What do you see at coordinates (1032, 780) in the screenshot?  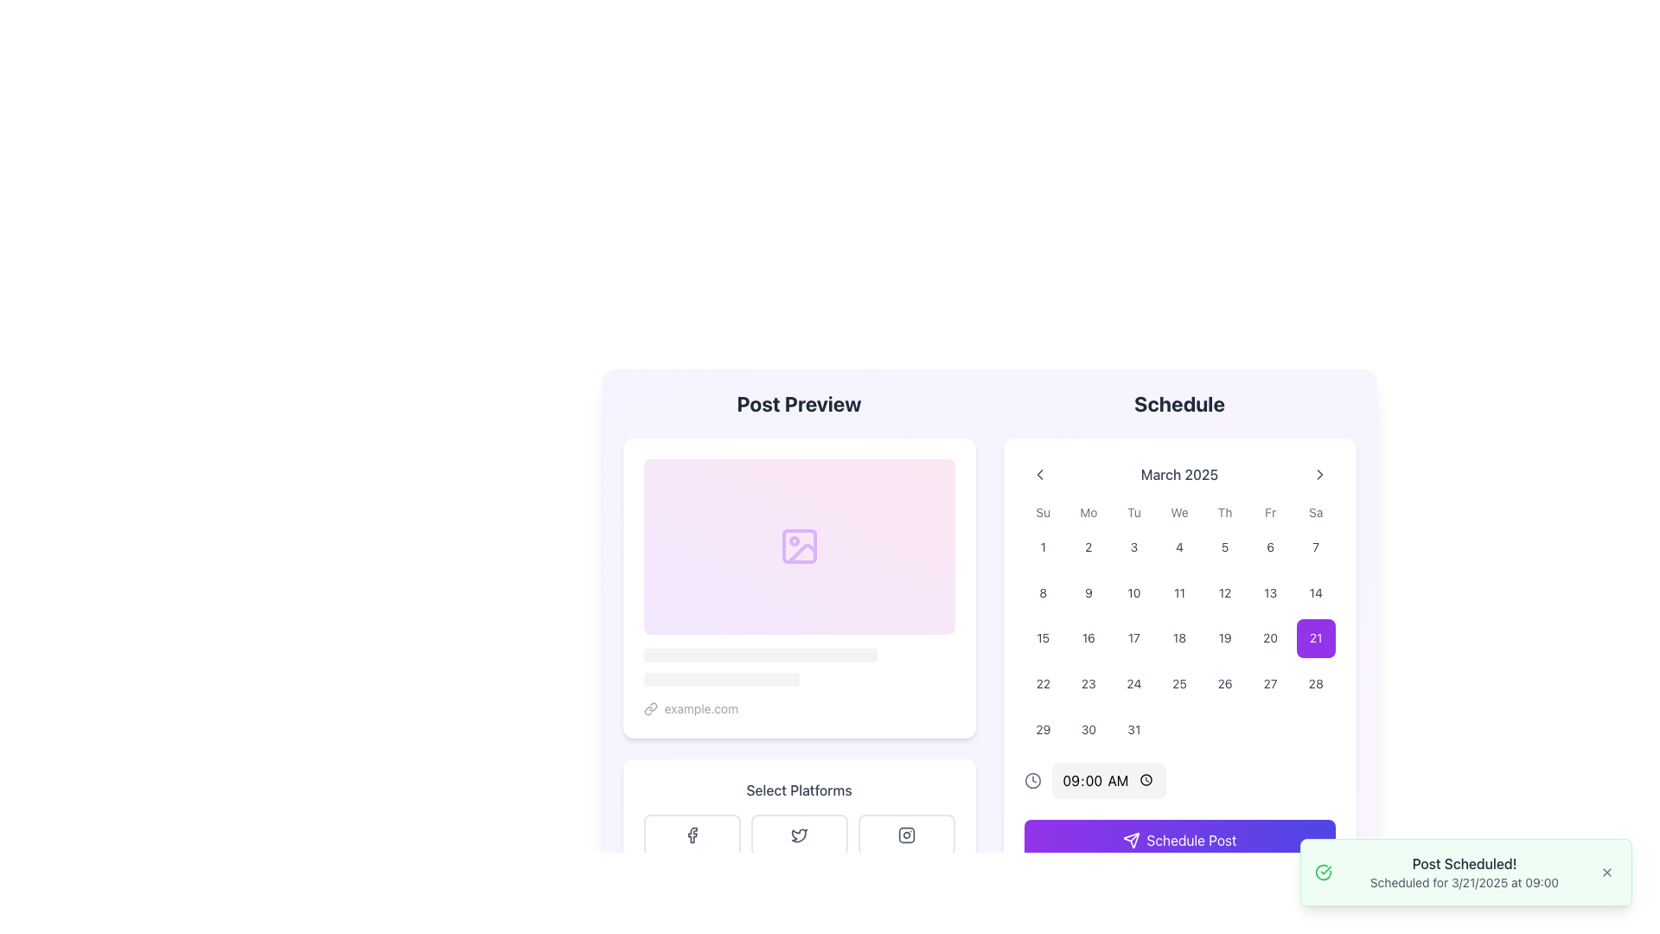 I see `the clock icon with a circular outline and stylized clock hands, which is located to the left of the time selection input box showing '09:00 AM'` at bounding box center [1032, 780].